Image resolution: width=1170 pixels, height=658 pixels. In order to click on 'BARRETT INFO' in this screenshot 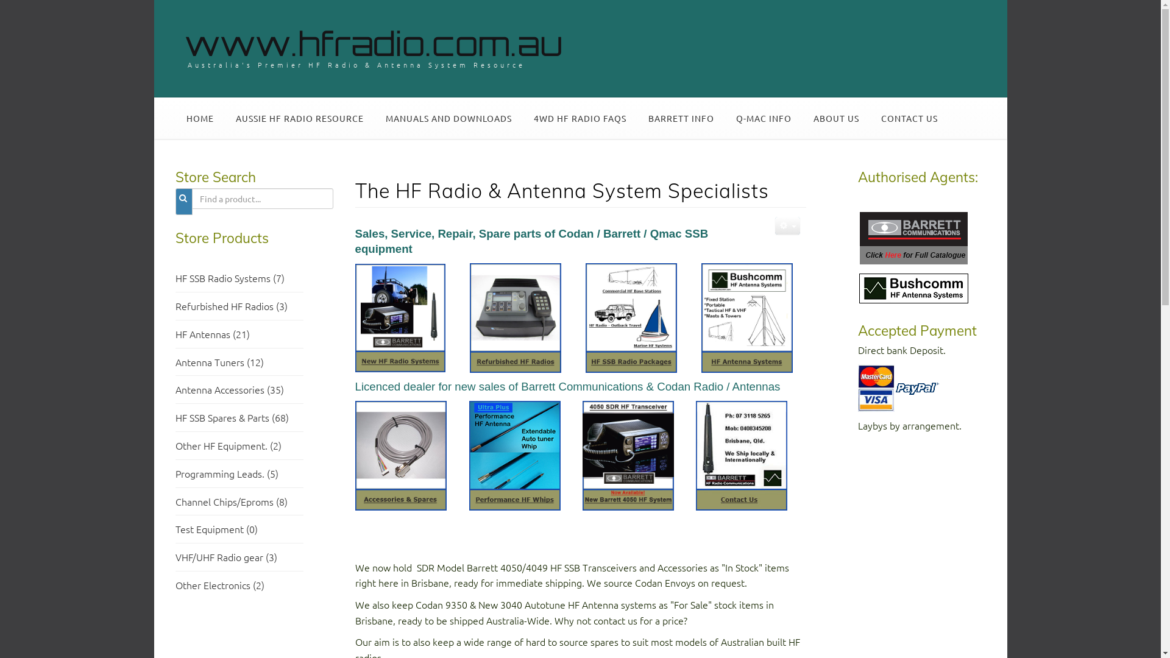, I will do `click(681, 118)`.